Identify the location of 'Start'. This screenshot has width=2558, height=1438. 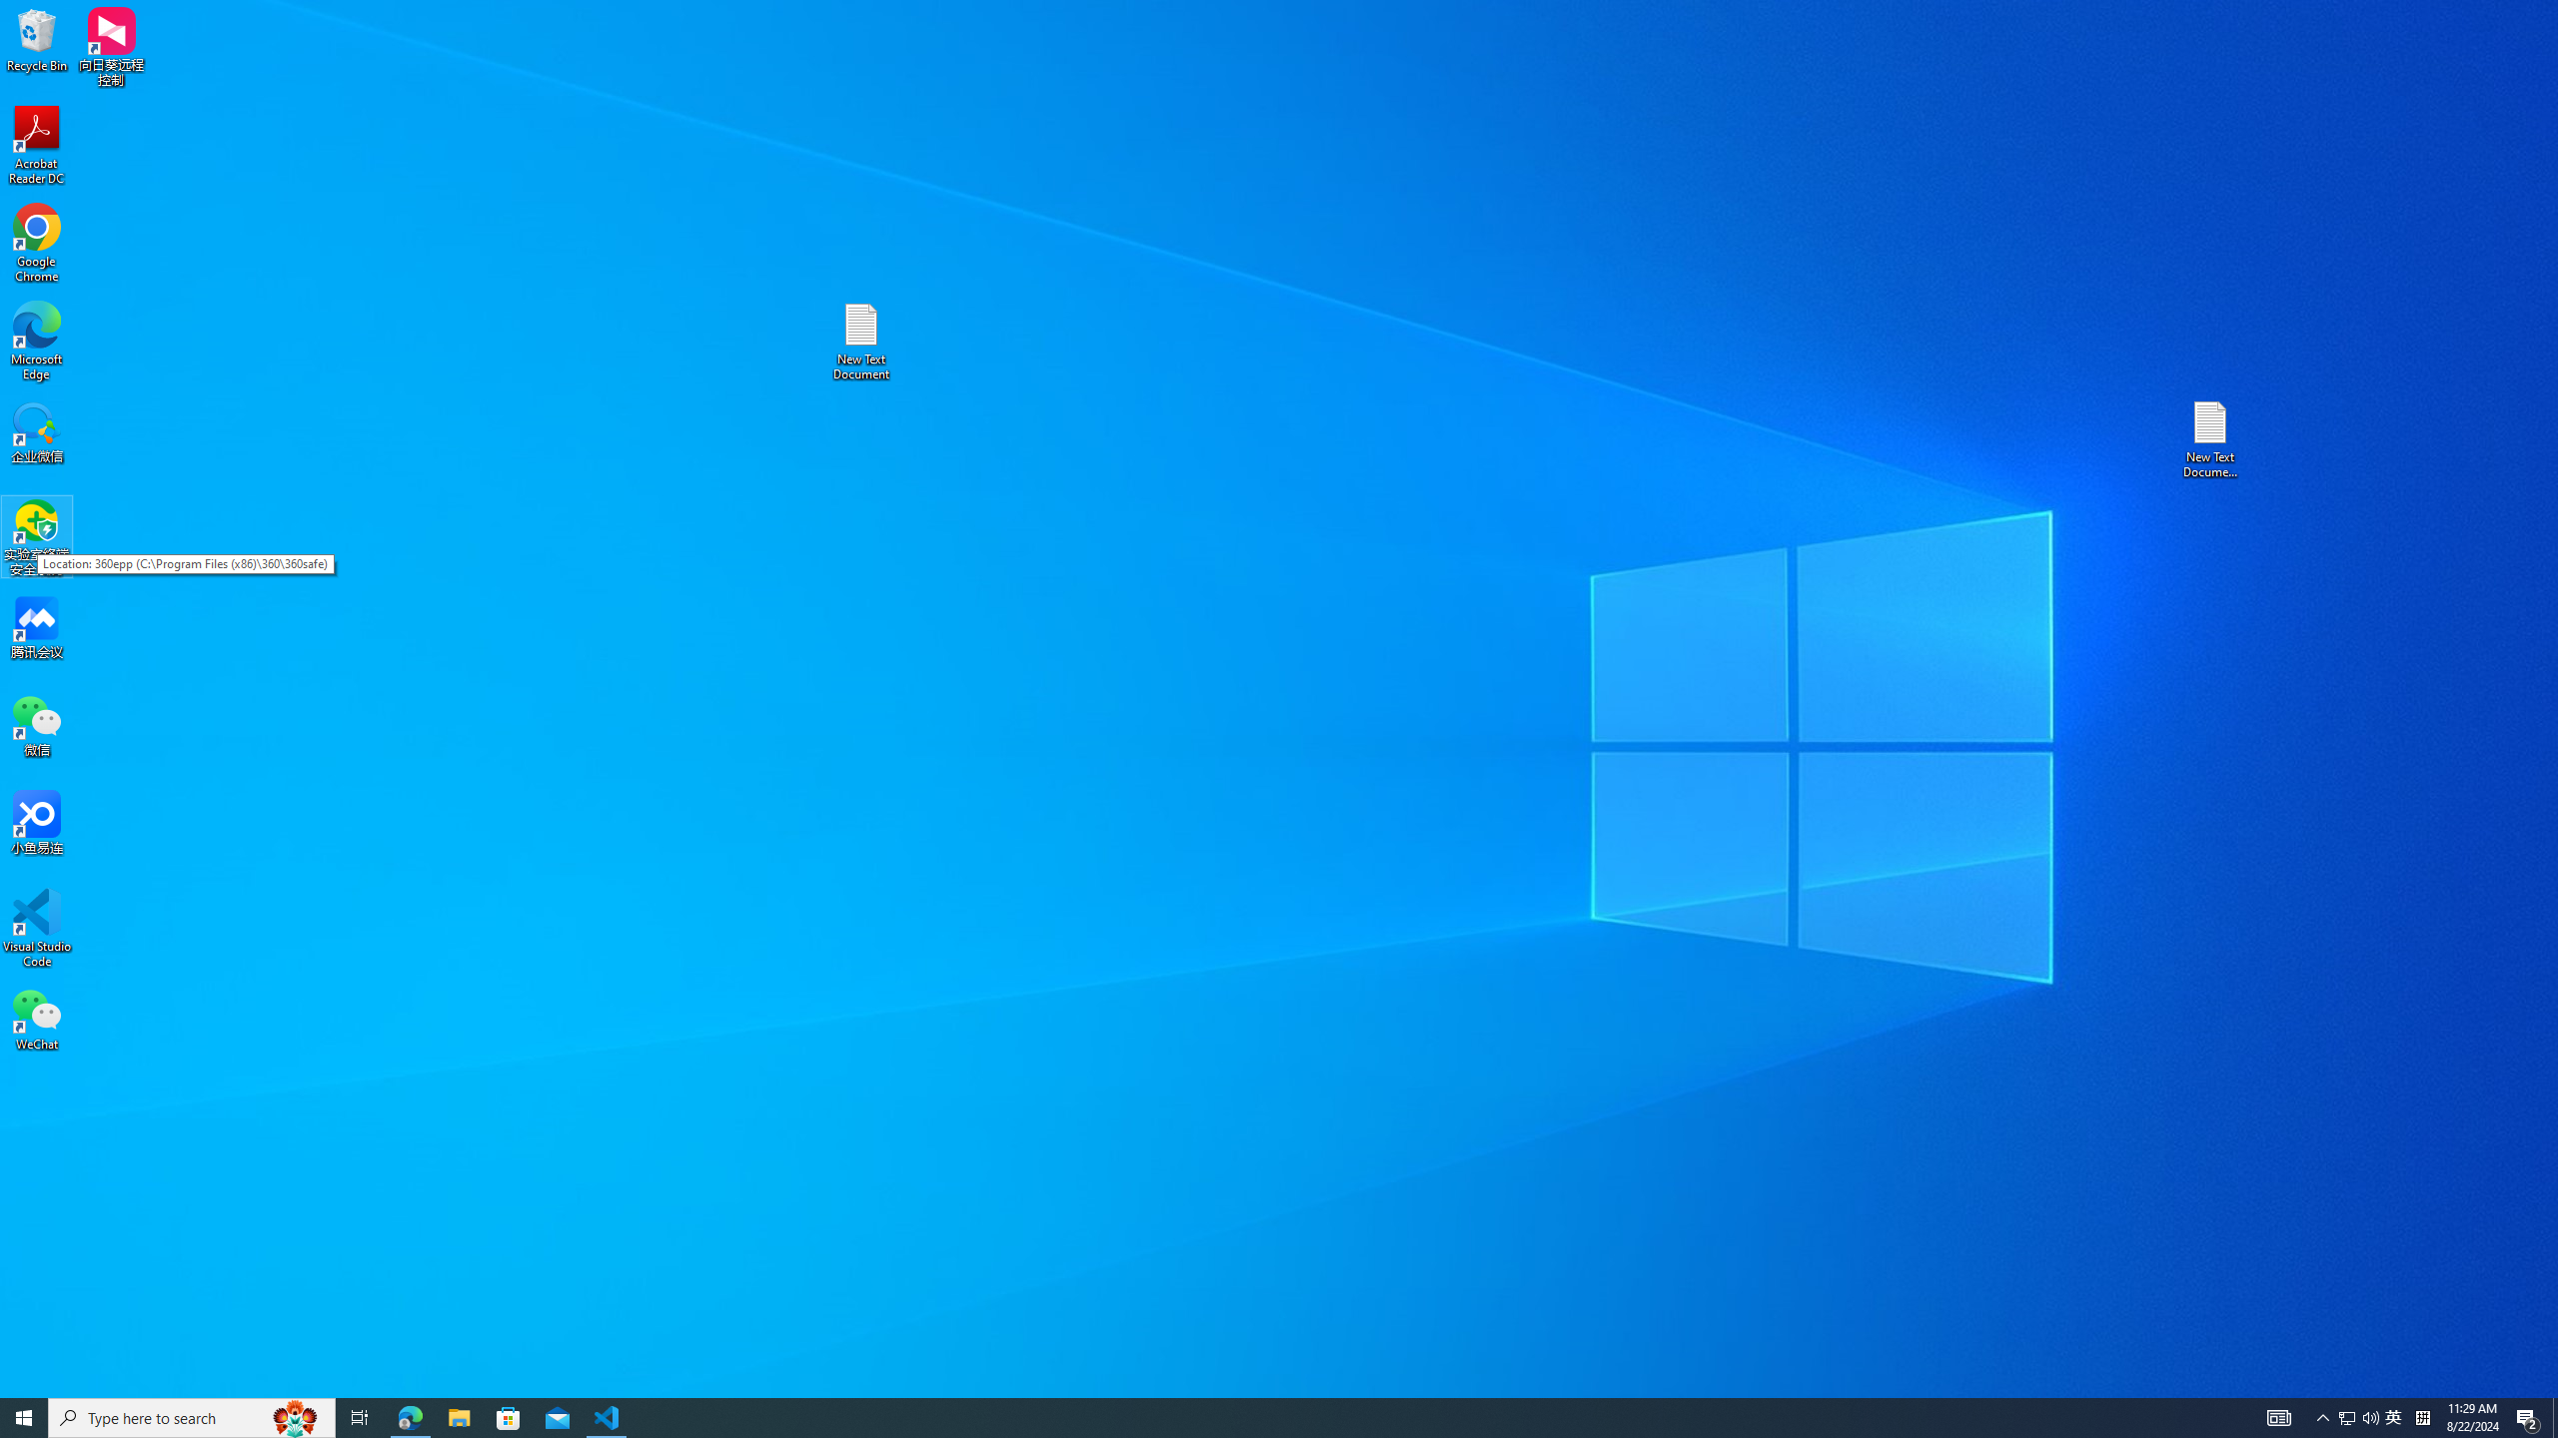
(24, 1416).